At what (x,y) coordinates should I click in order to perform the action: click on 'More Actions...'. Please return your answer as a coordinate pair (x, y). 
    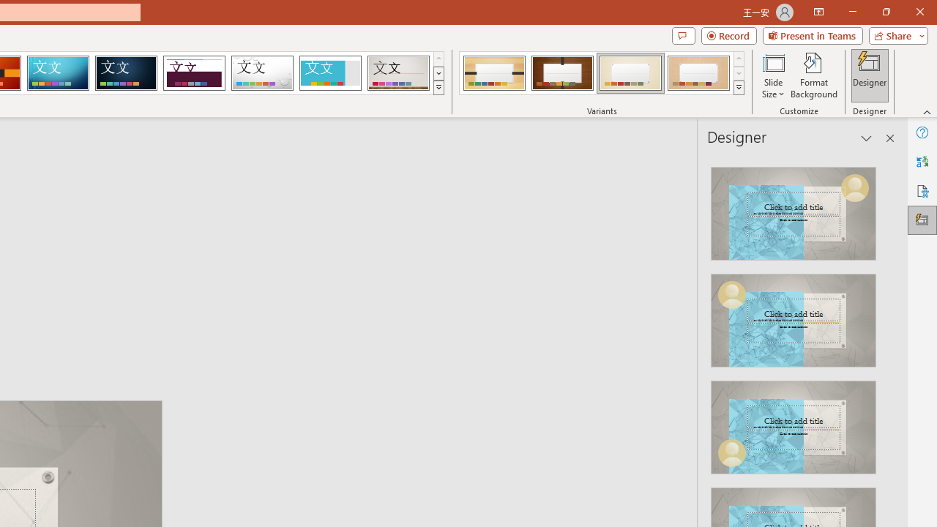
    Looking at the image, I should click on (900, 234).